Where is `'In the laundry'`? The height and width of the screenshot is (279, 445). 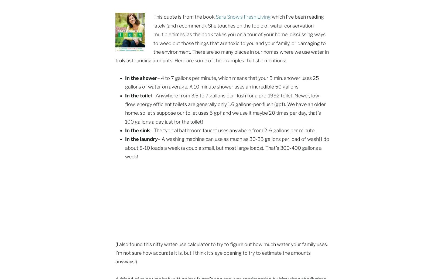
'In the laundry' is located at coordinates (125, 139).